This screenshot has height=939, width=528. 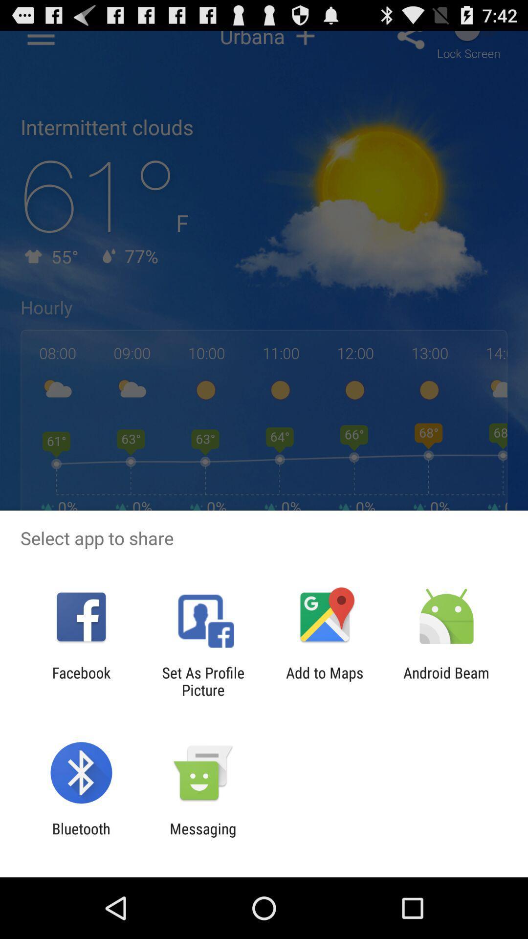 I want to click on the facebook app, so click(x=81, y=681).